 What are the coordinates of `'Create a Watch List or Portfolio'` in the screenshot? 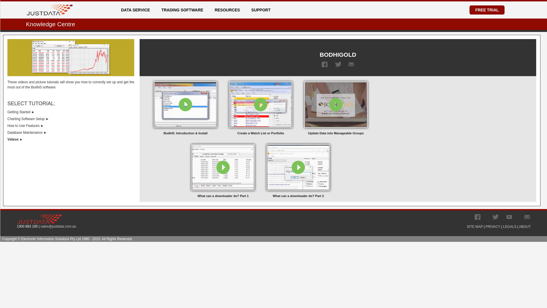 It's located at (260, 108).